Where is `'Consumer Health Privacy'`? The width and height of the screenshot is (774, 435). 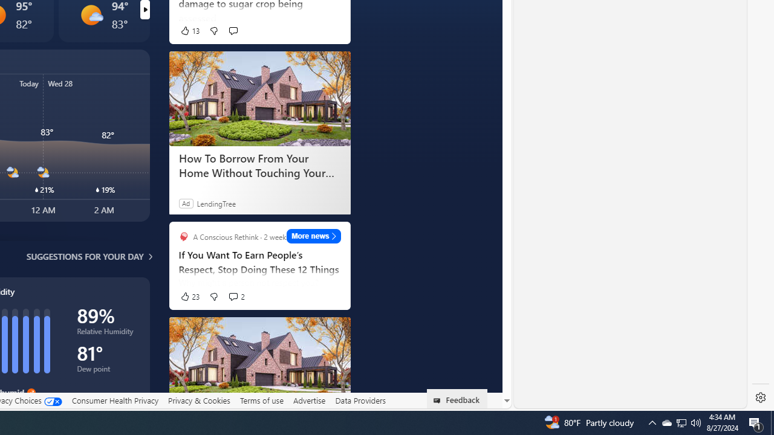
'Consumer Health Privacy' is located at coordinates (115, 400).